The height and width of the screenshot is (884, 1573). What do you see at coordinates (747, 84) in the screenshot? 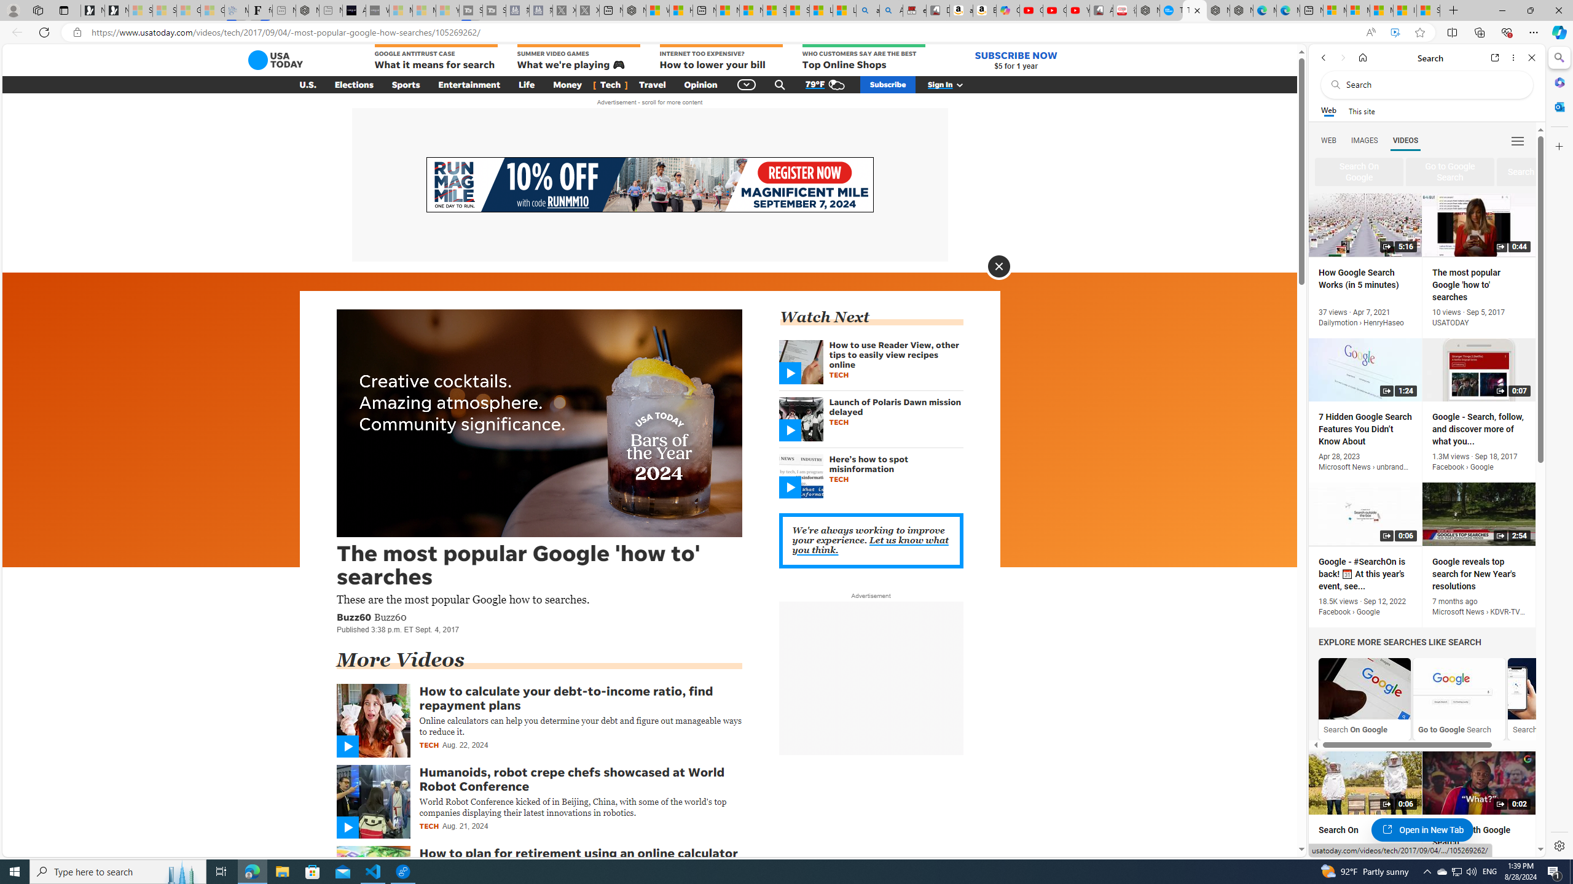
I see `'Class: gnt_n_dd_bt_svg'` at bounding box center [747, 84].